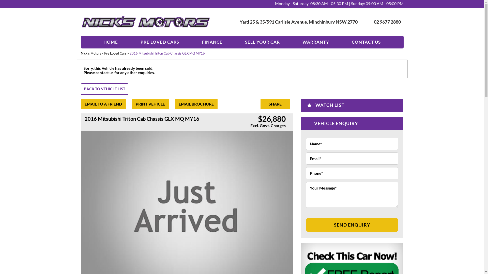 Image resolution: width=488 pixels, height=274 pixels. What do you see at coordinates (104, 89) in the screenshot?
I see `'BACK TO VEHICLE LIST'` at bounding box center [104, 89].